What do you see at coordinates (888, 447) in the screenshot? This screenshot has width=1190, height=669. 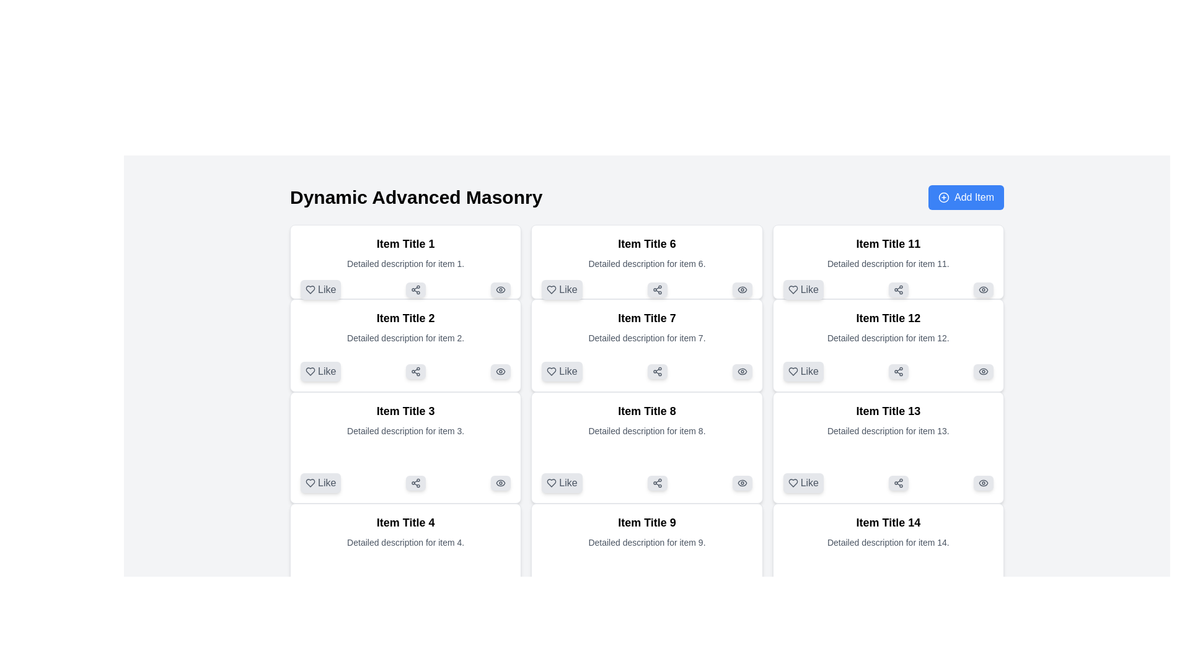 I see `the 'Share' button on the interactive card titled 'Item Title 13', which is located in the third column and fifth row of the grid layout` at bounding box center [888, 447].